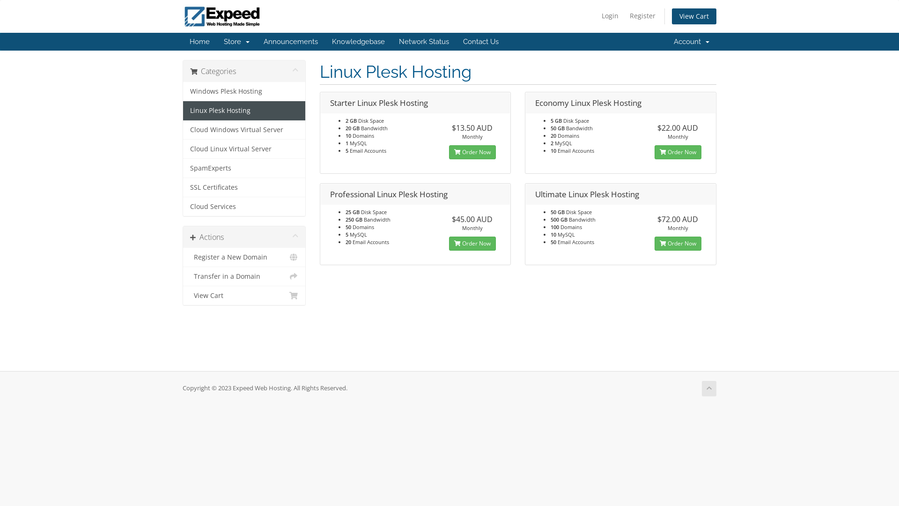 This screenshot has width=899, height=506. I want to click on '  Register a New Domain', so click(244, 257).